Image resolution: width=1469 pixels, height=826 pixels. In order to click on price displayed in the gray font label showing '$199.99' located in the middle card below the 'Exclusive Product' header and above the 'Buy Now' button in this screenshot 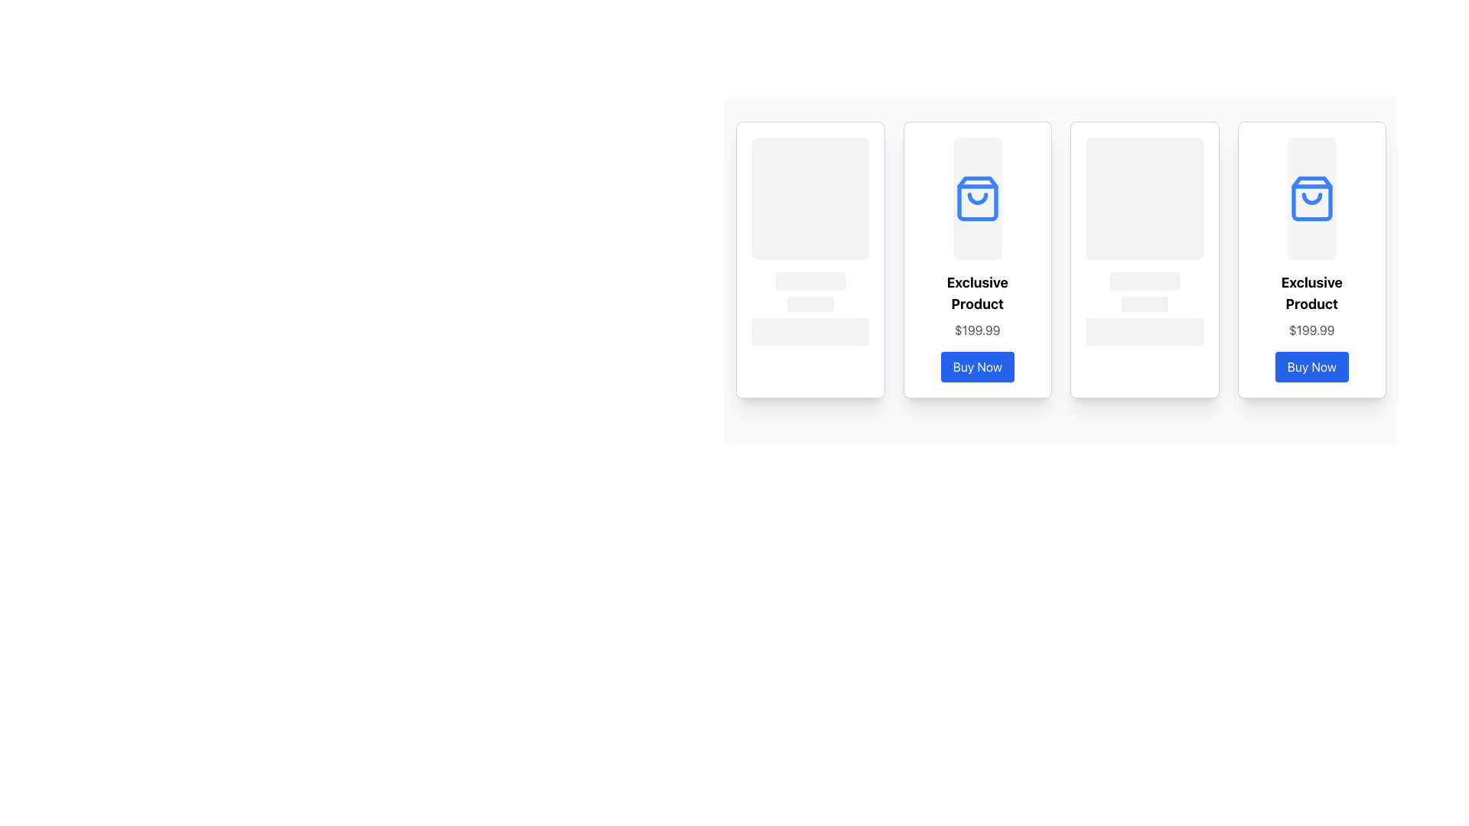, I will do `click(976, 330)`.